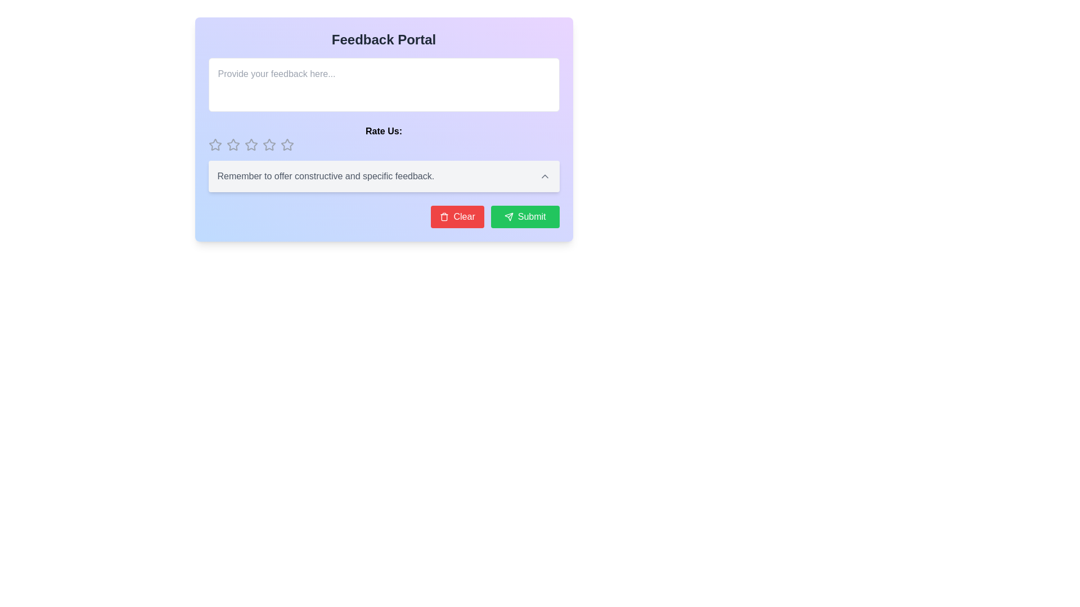 This screenshot has width=1080, height=607. What do you see at coordinates (384, 39) in the screenshot?
I see `the Text Label located at the top of a rounded, gradient-colored box, which serves as a descriptive title for the section` at bounding box center [384, 39].